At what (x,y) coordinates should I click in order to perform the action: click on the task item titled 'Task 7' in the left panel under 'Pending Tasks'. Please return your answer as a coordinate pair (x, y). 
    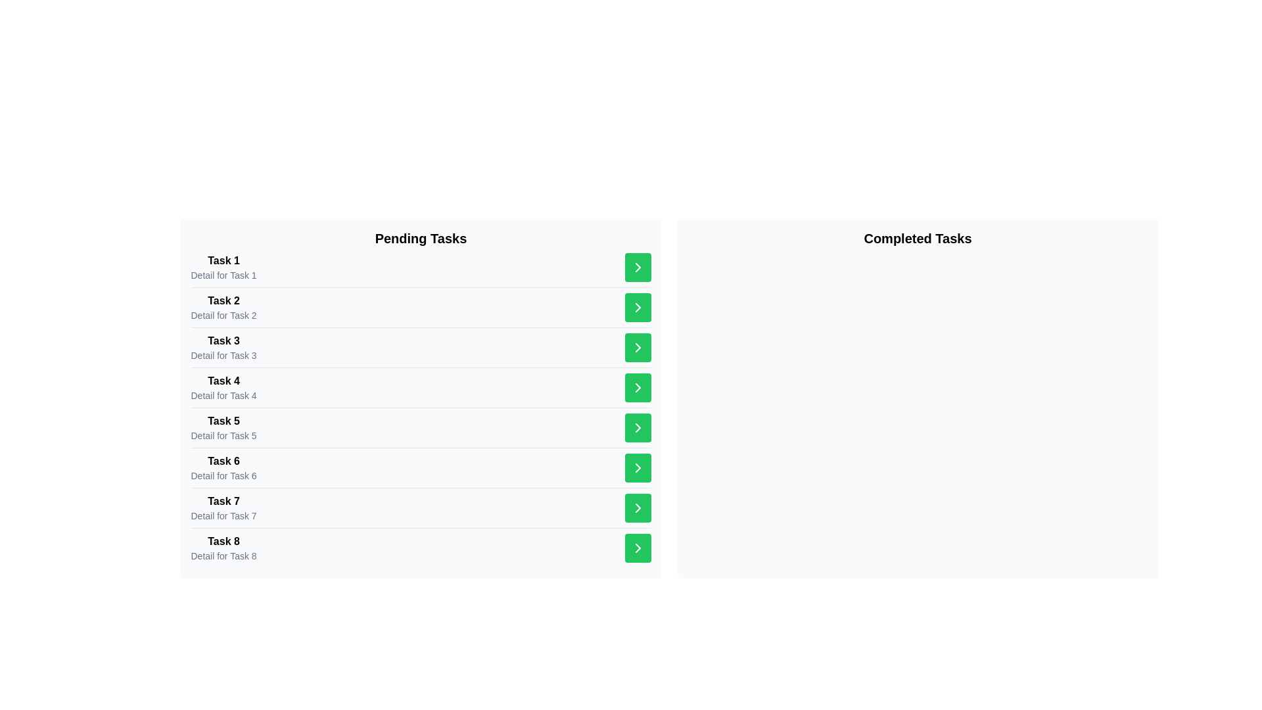
    Looking at the image, I should click on (421, 507).